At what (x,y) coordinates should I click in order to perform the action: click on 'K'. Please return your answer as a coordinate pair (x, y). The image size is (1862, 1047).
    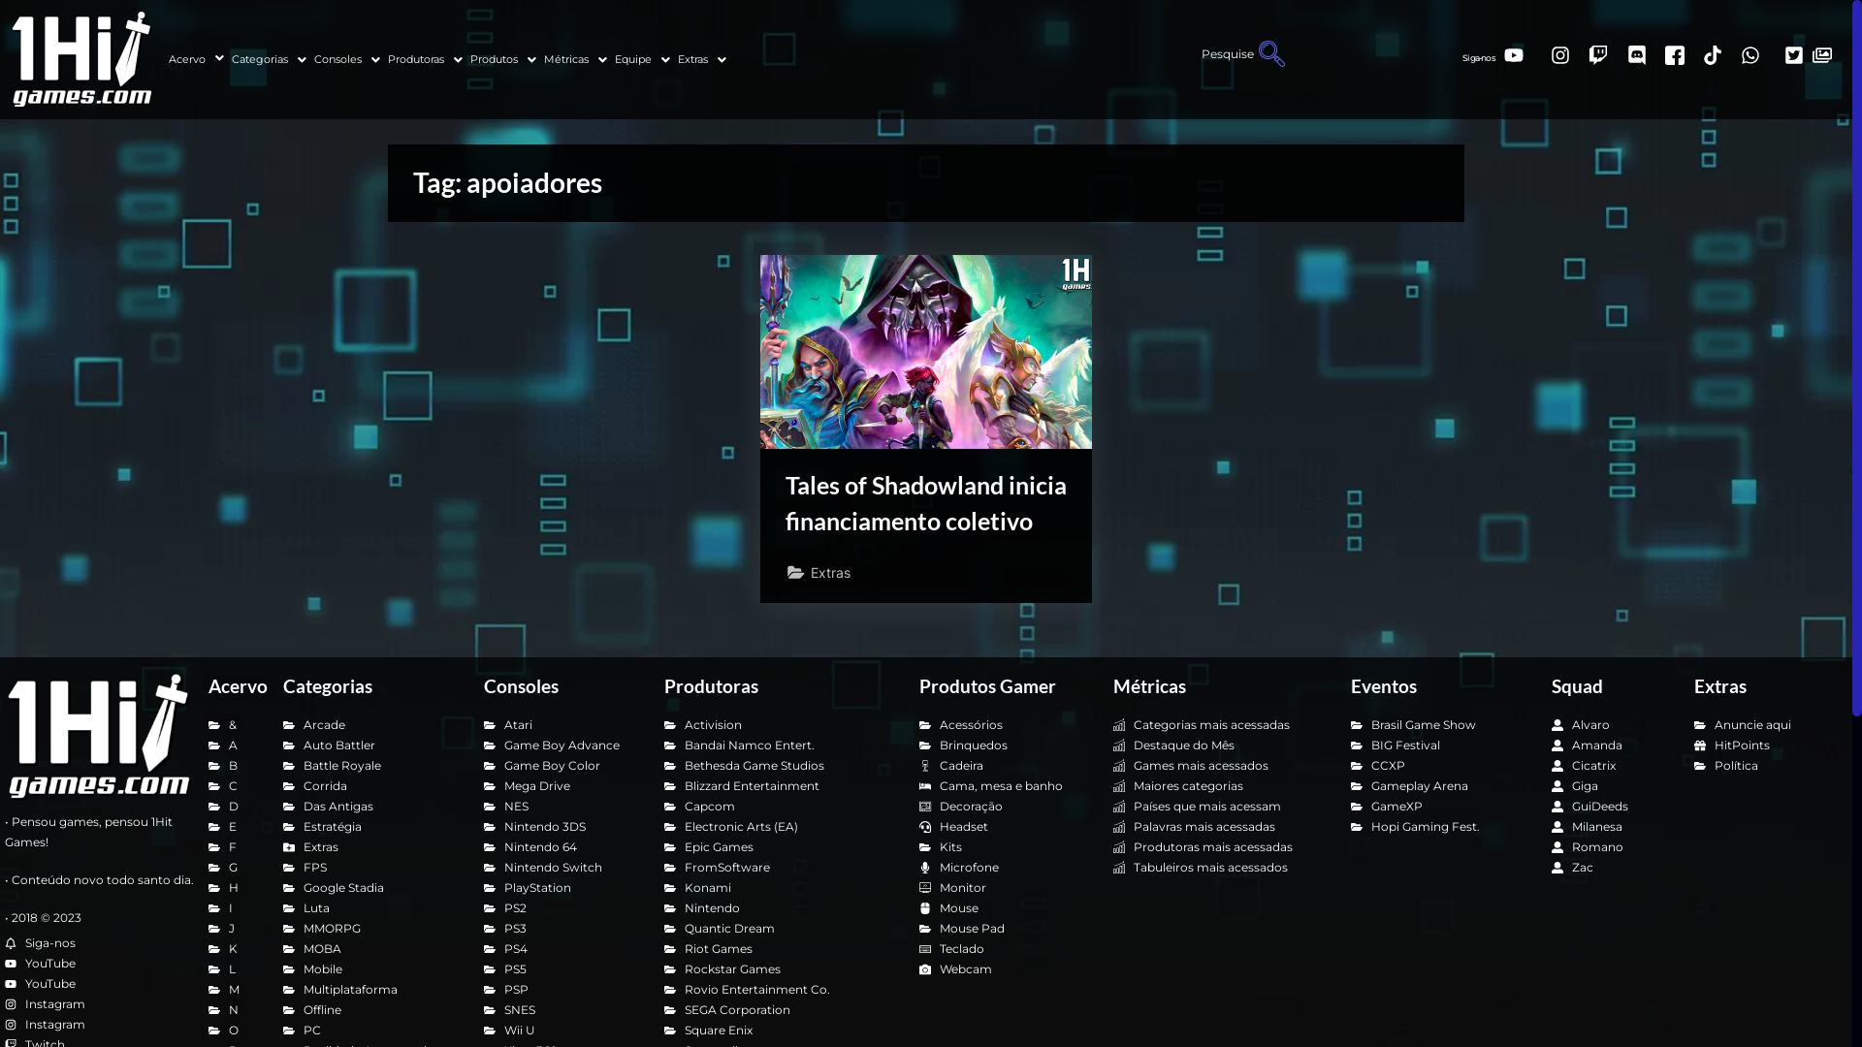
    Looking at the image, I should click on (235, 947).